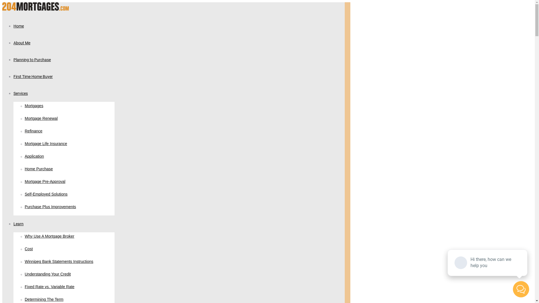 The width and height of the screenshot is (539, 303). I want to click on 'About Me', so click(22, 42).